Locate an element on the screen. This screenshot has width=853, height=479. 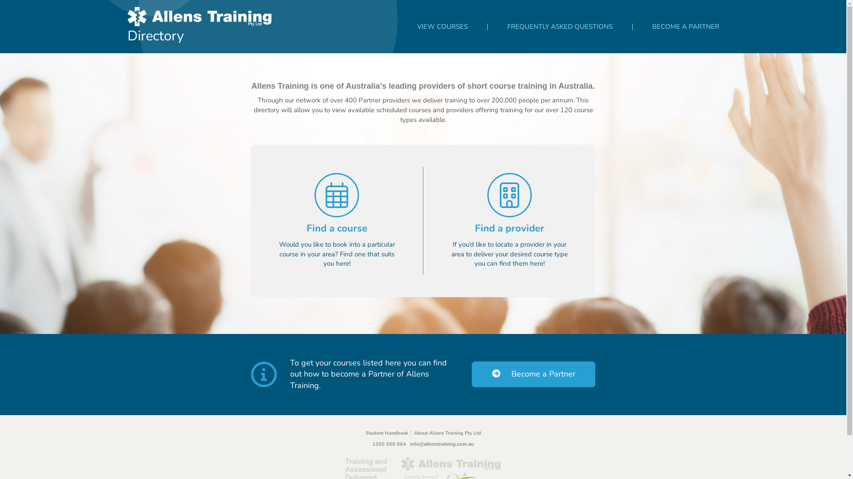
'About Allens Training Pty Ltd' is located at coordinates (447, 432).